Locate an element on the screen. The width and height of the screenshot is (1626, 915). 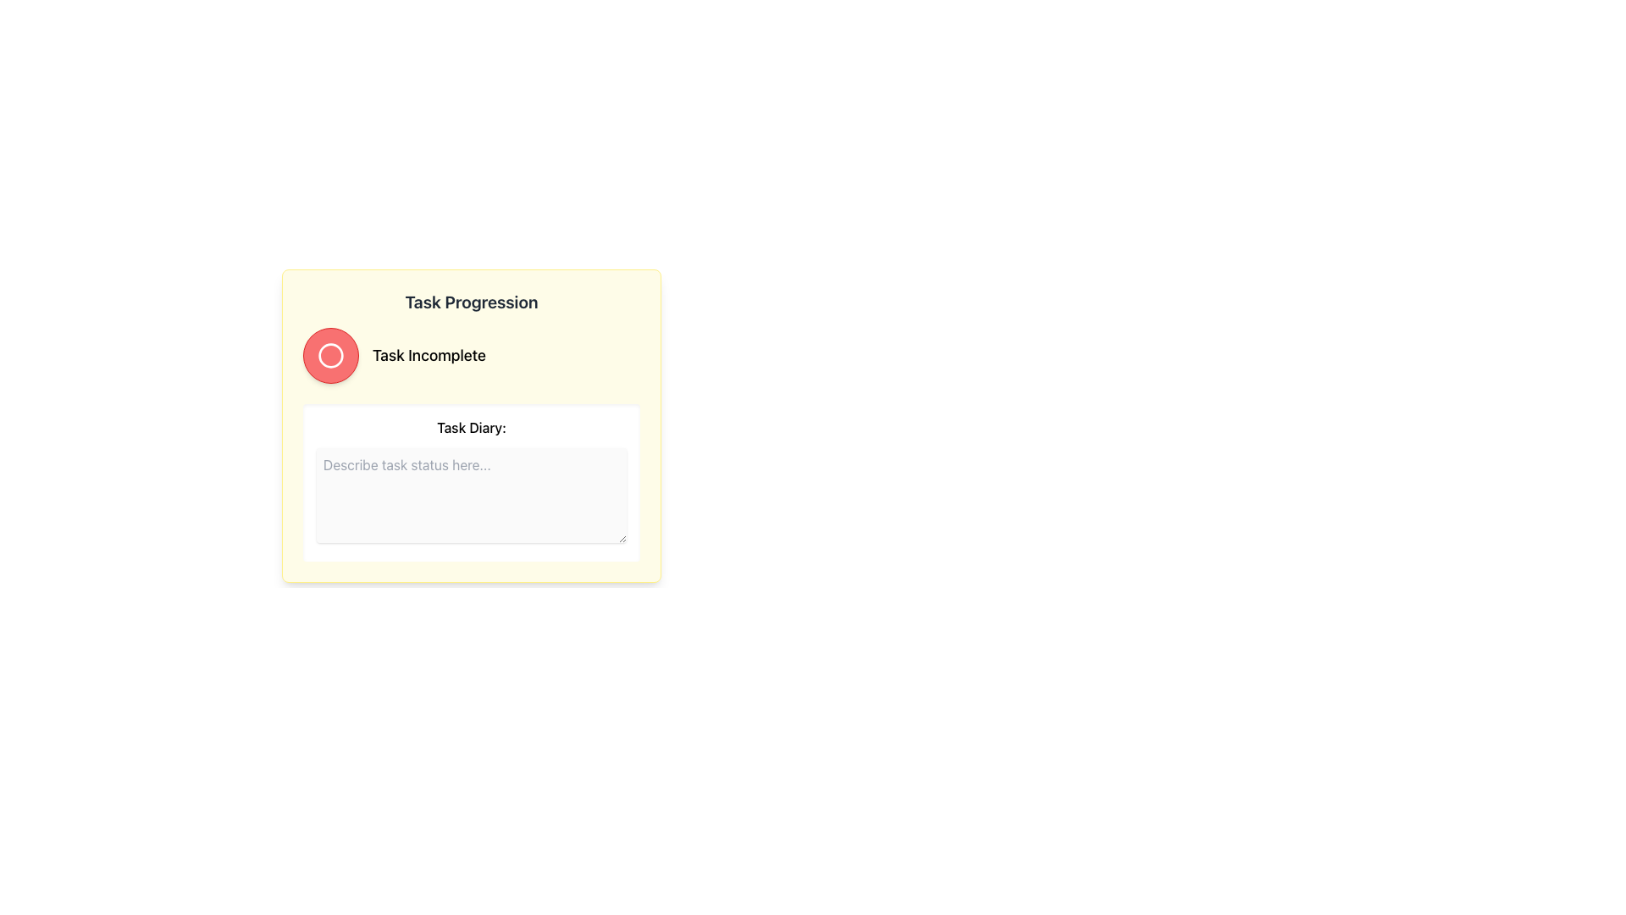
the text label indicating the content to be entered into the text area, which is positioned directly above the text area input field and below the heading 'Task Progression' is located at coordinates (471, 427).